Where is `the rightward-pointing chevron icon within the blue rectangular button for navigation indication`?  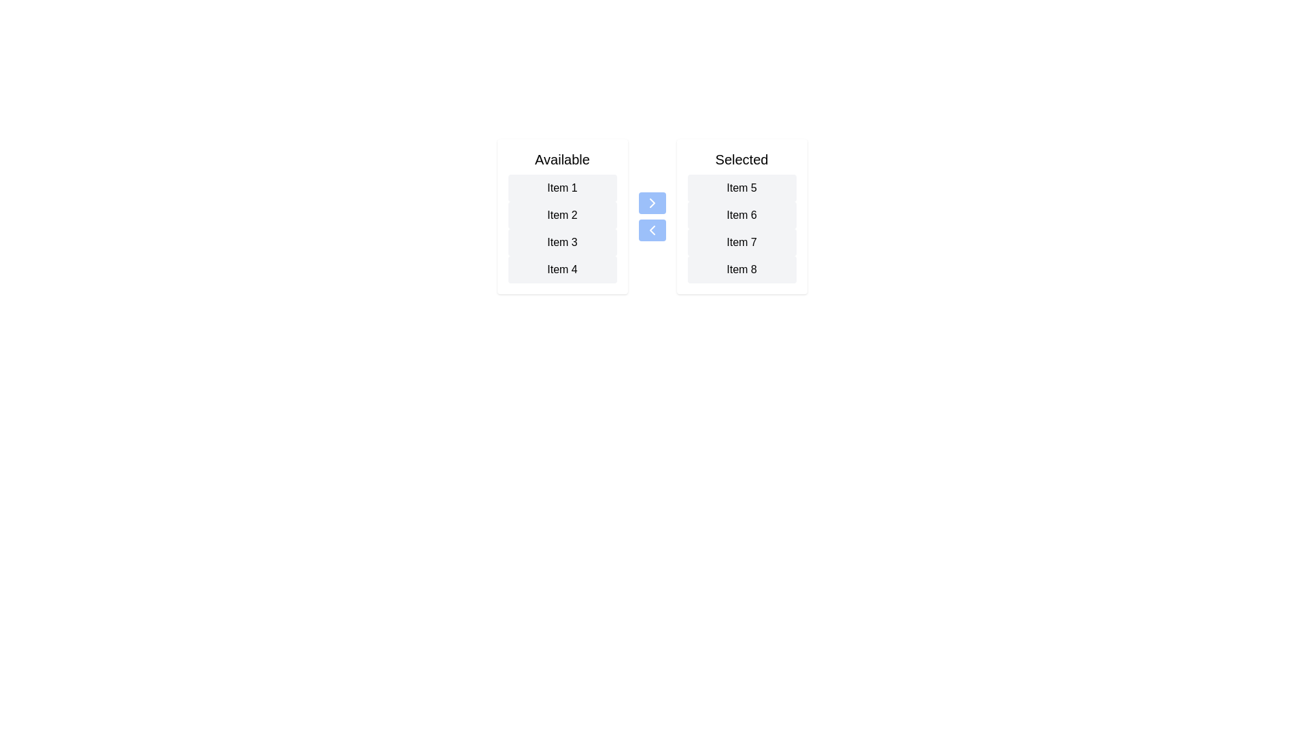 the rightward-pointing chevron icon within the blue rectangular button for navigation indication is located at coordinates (651, 203).